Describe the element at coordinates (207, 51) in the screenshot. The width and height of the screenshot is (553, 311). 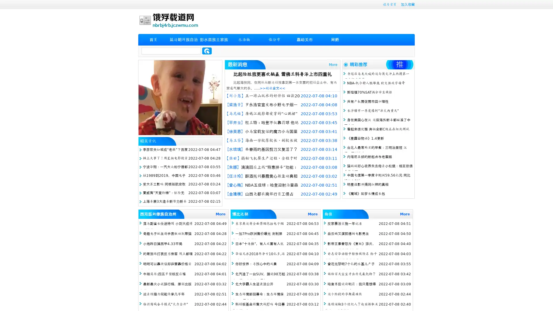
I see `Search` at that location.